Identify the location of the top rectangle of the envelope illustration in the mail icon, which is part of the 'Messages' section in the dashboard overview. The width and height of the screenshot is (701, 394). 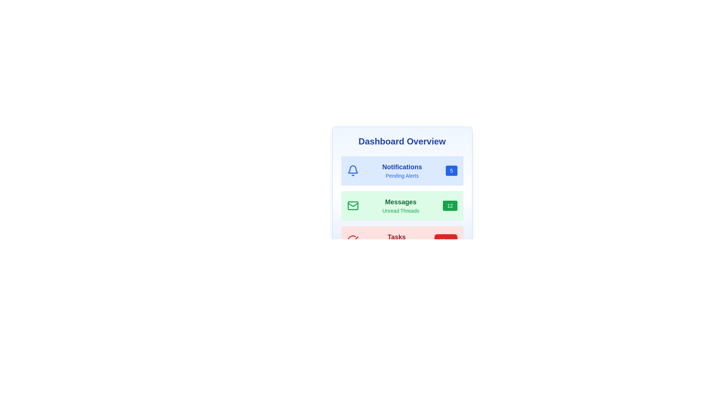
(353, 205).